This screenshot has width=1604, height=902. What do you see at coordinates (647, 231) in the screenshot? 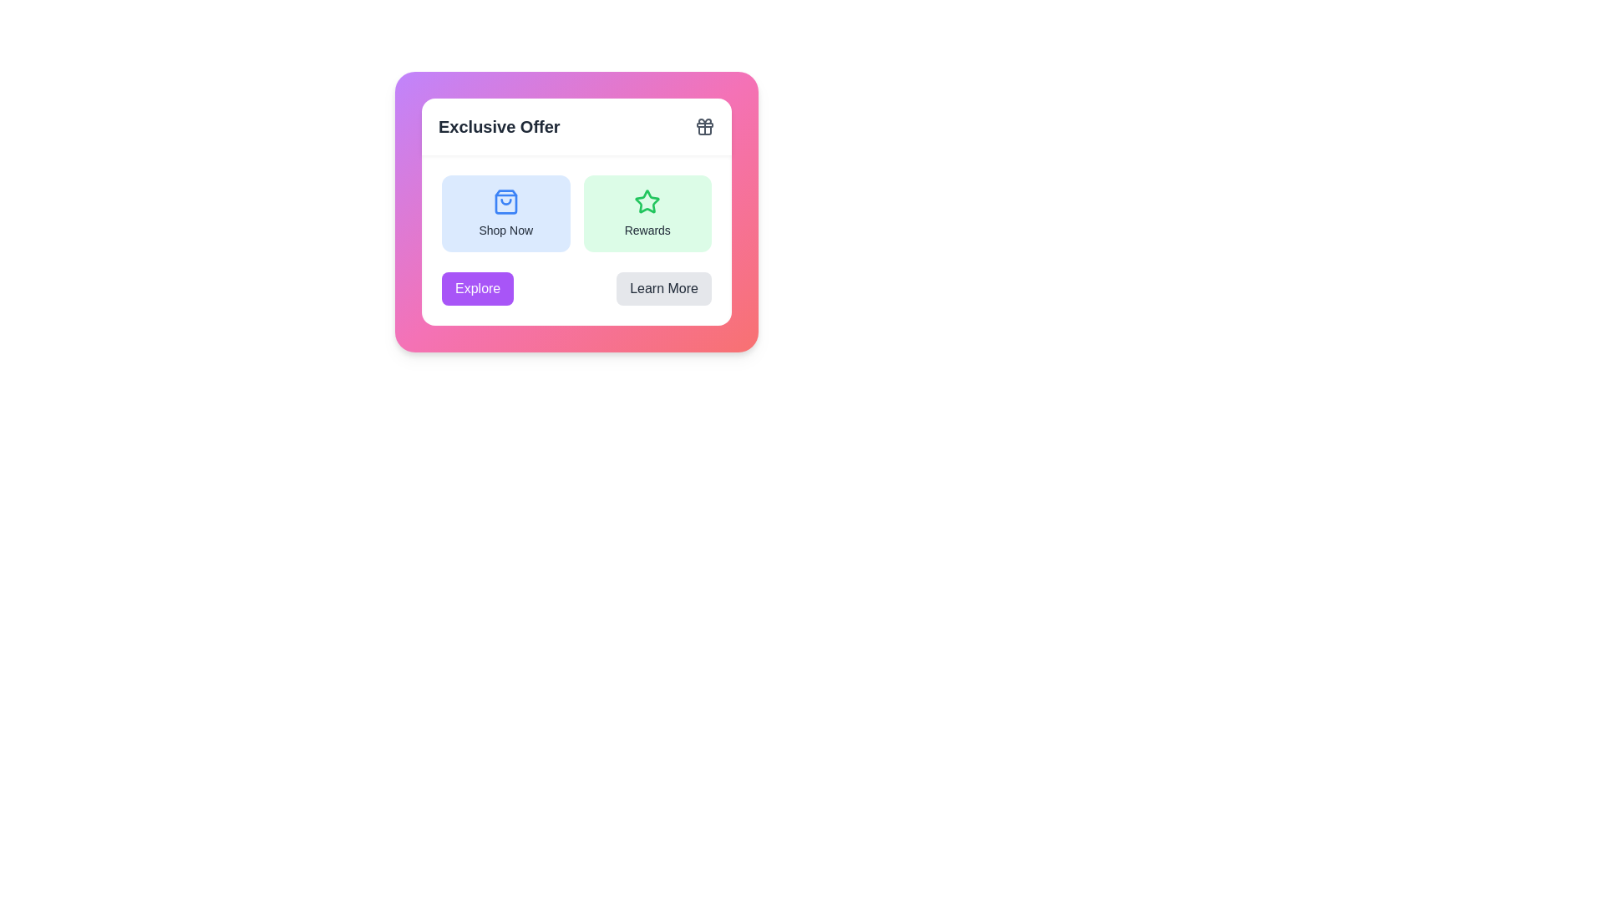
I see `the 'Rewards' text label, which is displayed in a small, medium-weight, dark-gray font below a green star icon in a light-green card` at bounding box center [647, 231].